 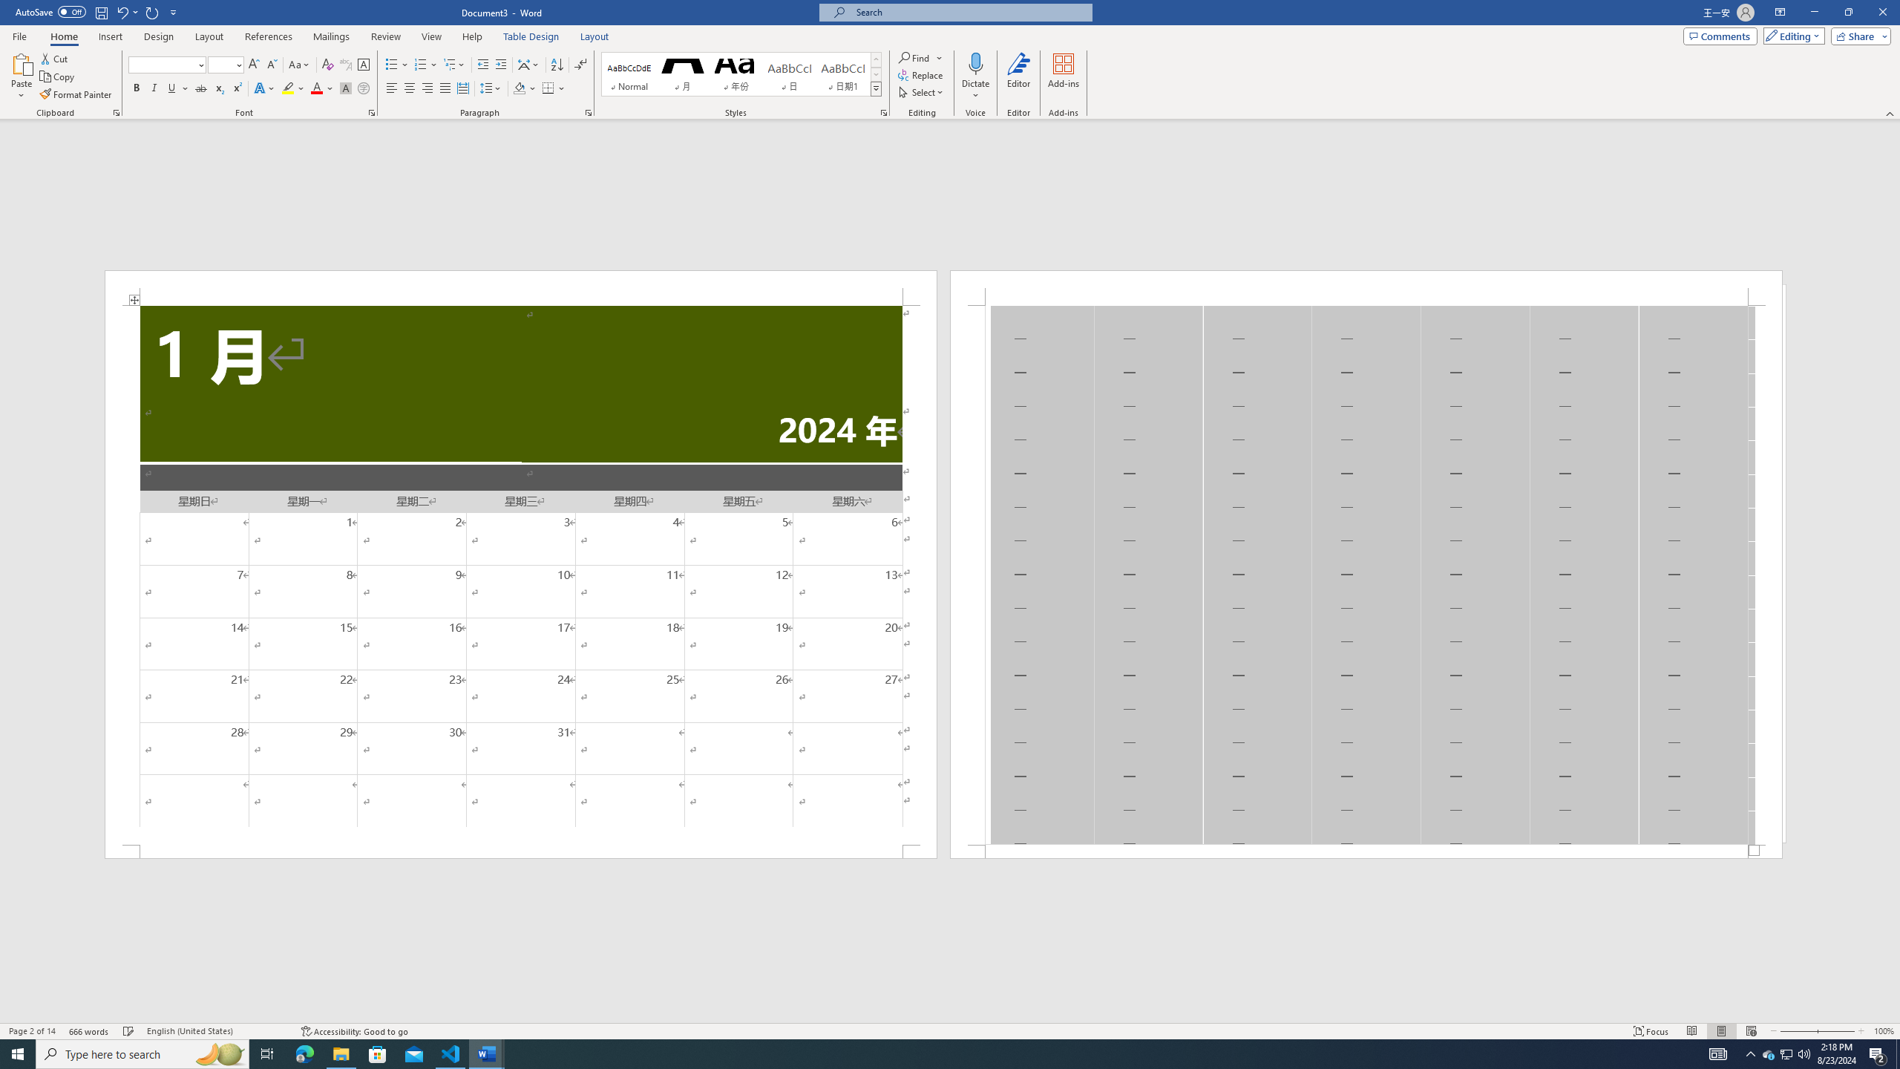 What do you see at coordinates (315, 88) in the screenshot?
I see `'Font Color RGB(255, 0, 0)'` at bounding box center [315, 88].